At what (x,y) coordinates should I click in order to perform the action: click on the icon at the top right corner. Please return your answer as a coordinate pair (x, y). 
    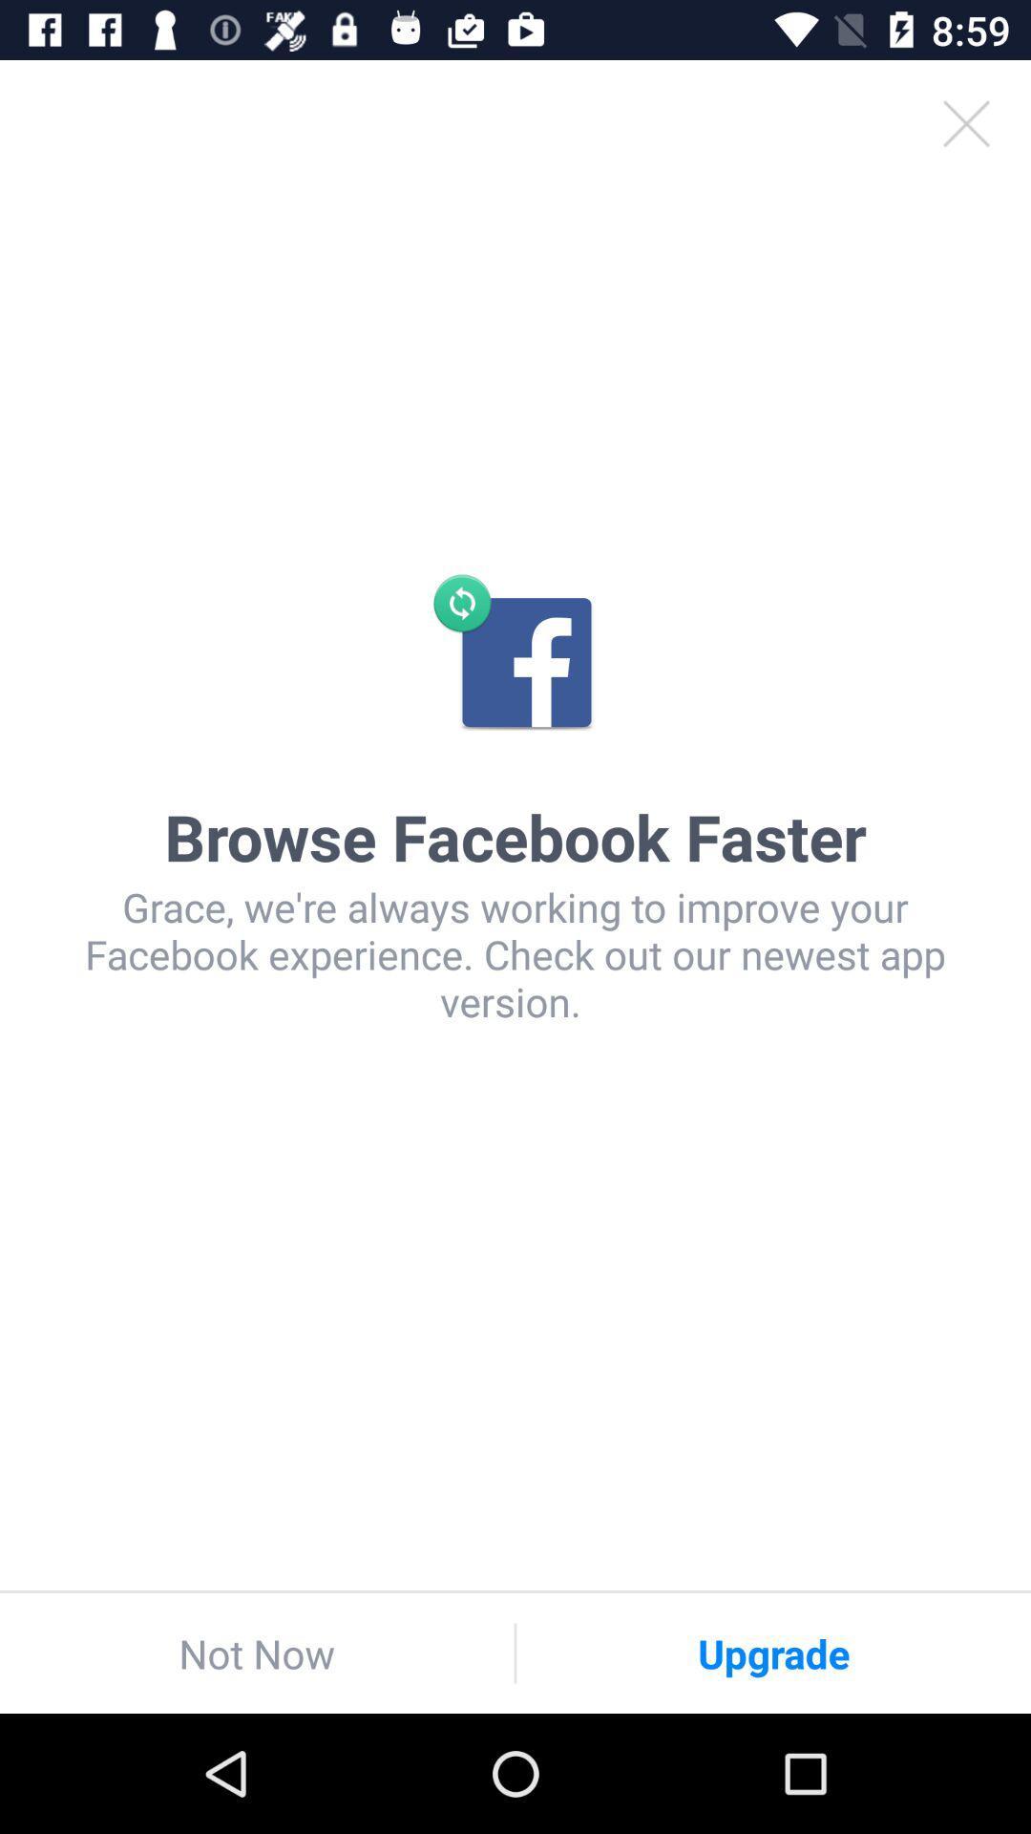
    Looking at the image, I should click on (966, 123).